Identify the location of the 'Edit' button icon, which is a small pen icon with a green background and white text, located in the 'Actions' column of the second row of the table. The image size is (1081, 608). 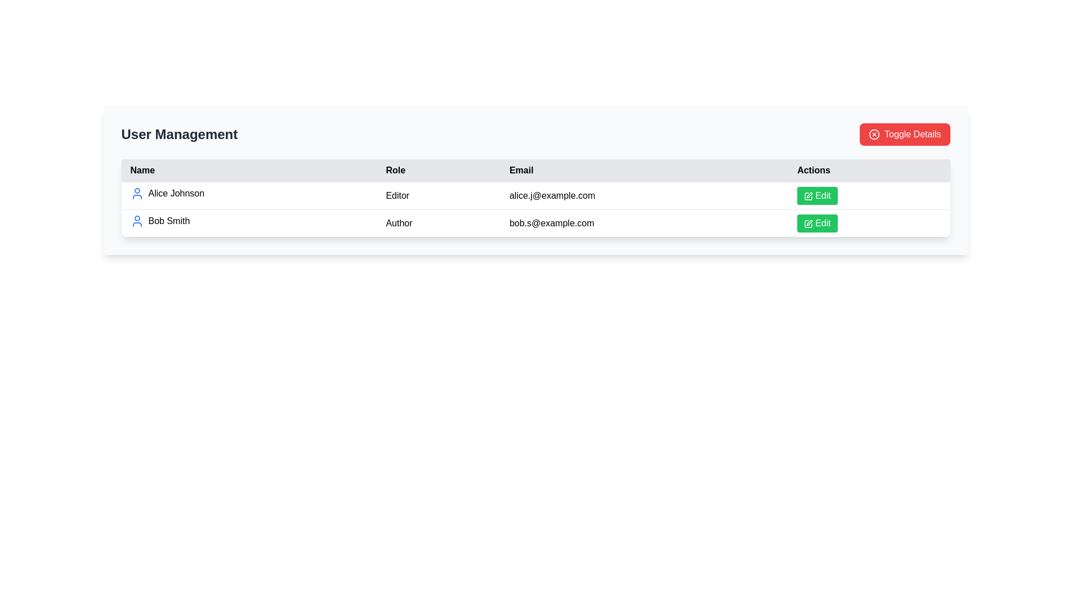
(808, 223).